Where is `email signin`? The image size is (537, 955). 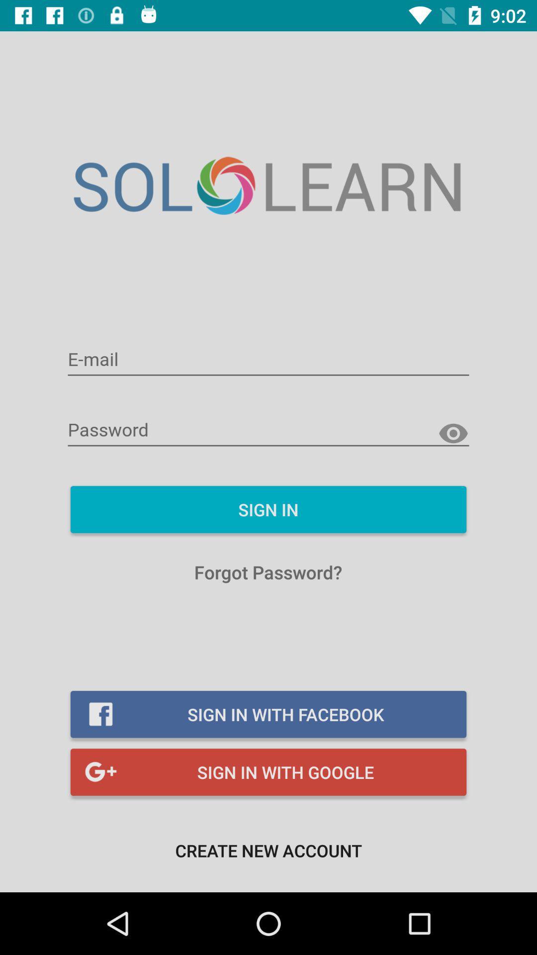
email signin is located at coordinates (268, 360).